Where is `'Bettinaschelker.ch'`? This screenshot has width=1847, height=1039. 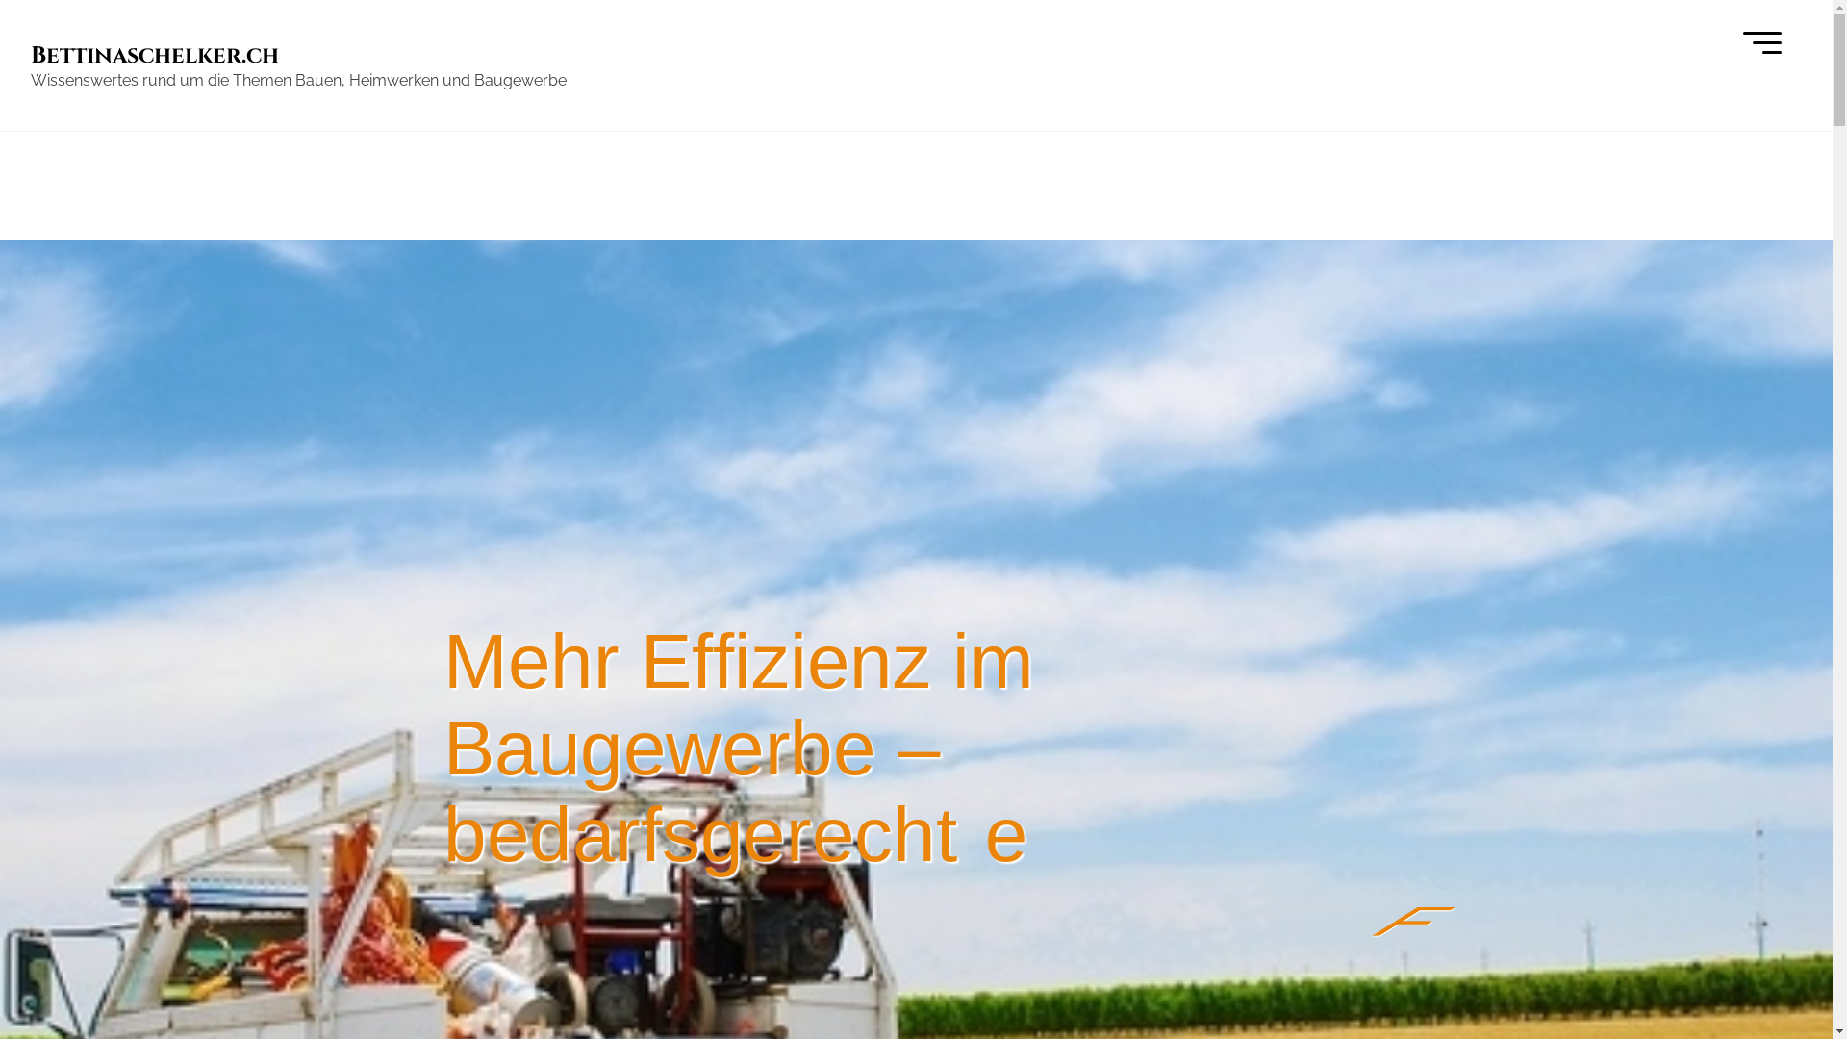 'Bettinaschelker.ch' is located at coordinates (155, 54).